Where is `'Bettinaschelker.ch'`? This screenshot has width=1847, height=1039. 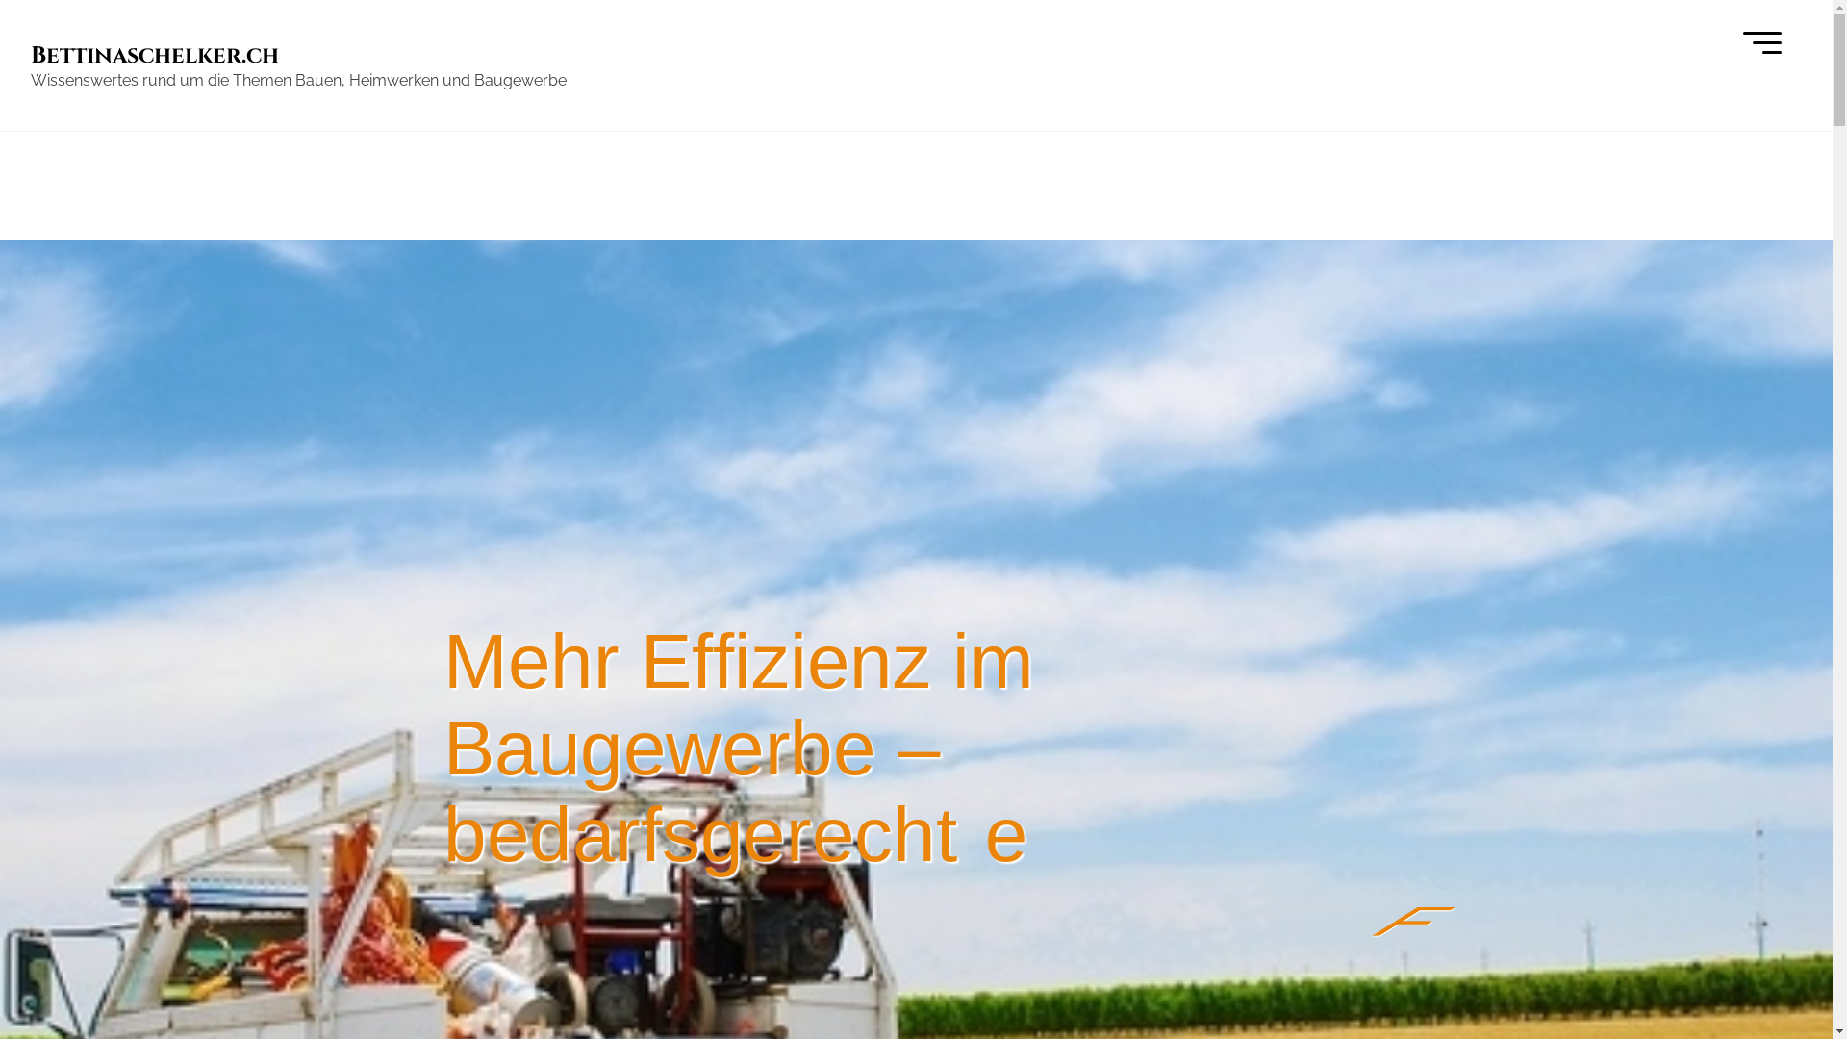 'Bettinaschelker.ch' is located at coordinates (155, 54).